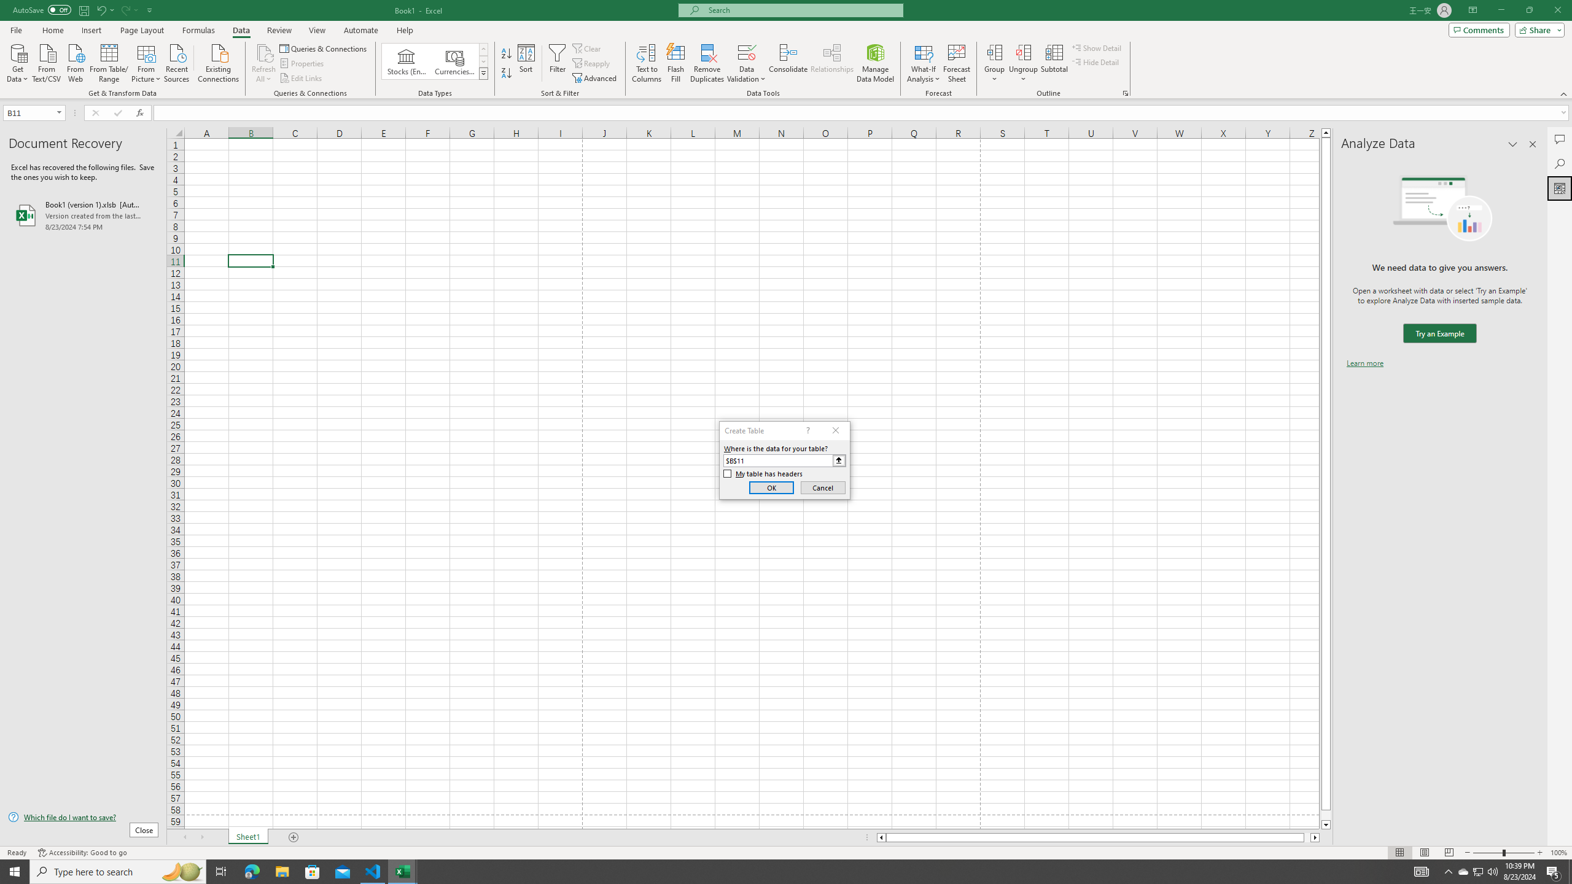 The height and width of the screenshot is (884, 1572). I want to click on 'Data Validation...', so click(746, 52).